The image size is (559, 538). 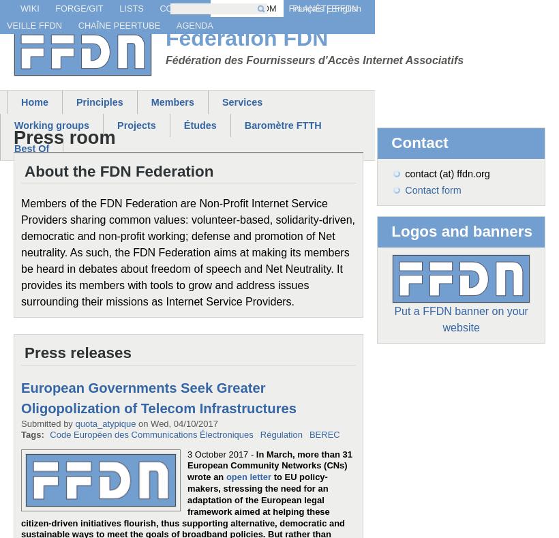 I want to click on 'Wiki', so click(x=29, y=8).